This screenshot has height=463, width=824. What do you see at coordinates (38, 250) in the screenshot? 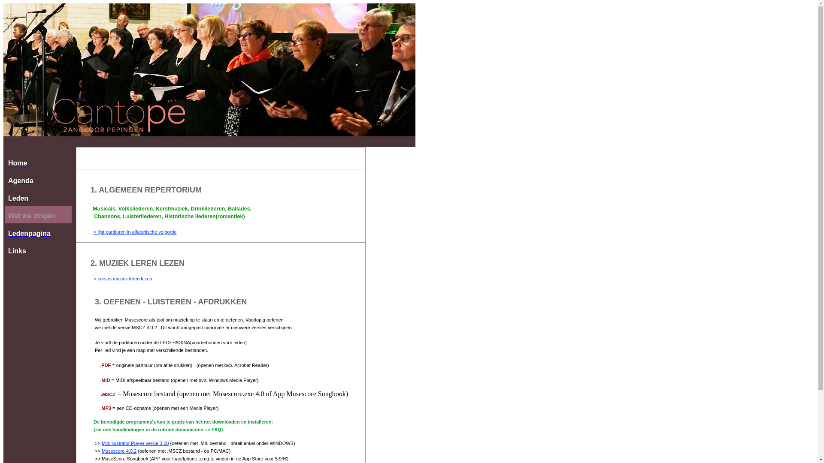
I see `'Links'` at bounding box center [38, 250].